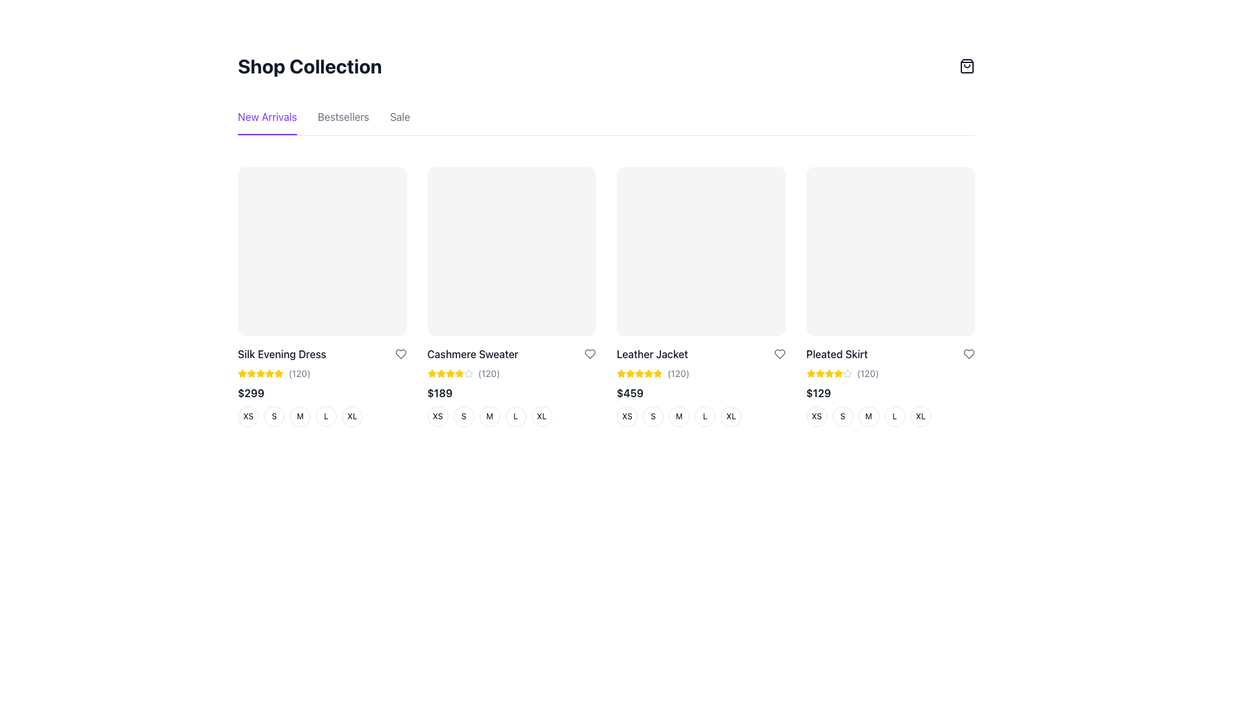 The width and height of the screenshot is (1248, 702). I want to click on the rating represented by the yellow star located in the fourth product card for the 'Pleated Skirt', positioned below the product image and above the product price, so click(828, 373).